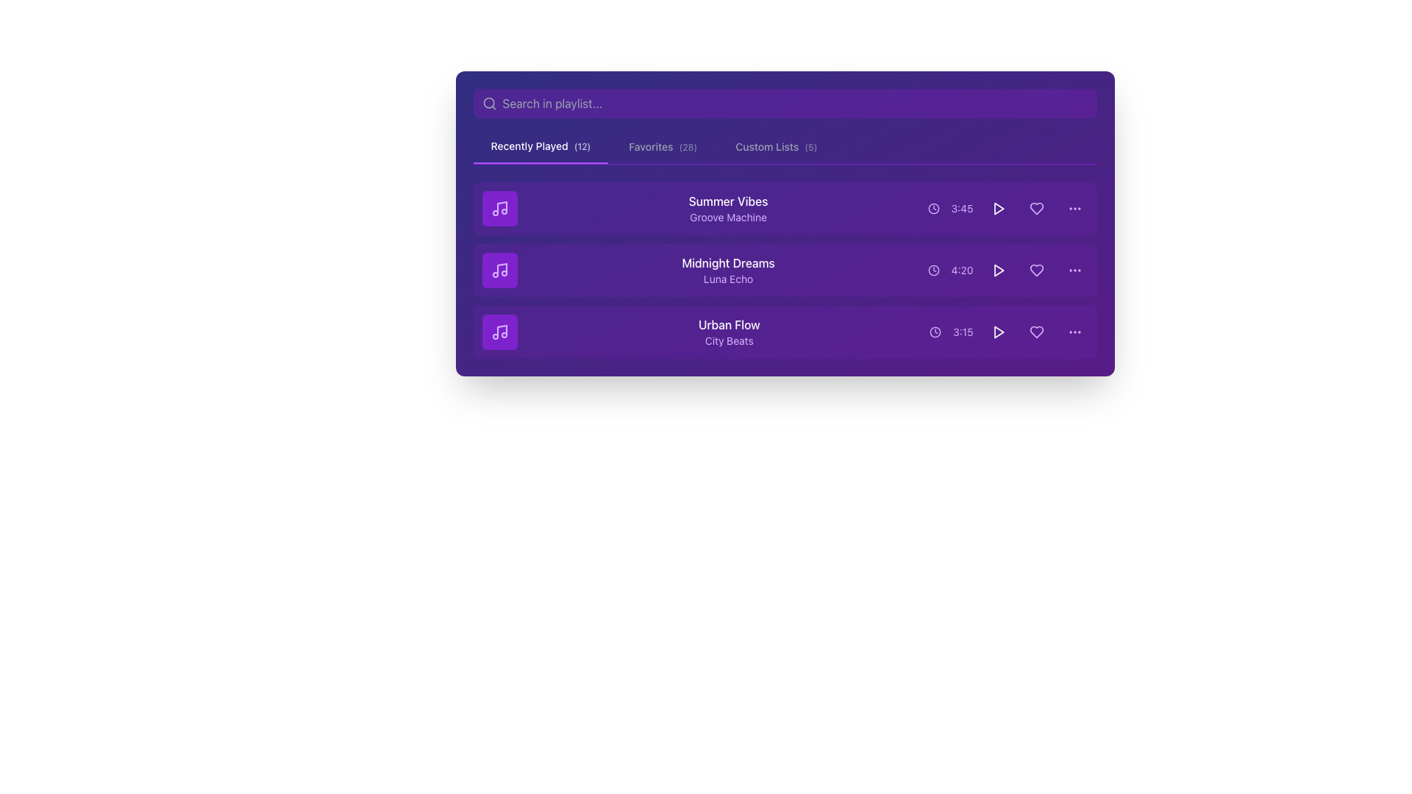 The image size is (1412, 794). I want to click on the non-interactive icon representing the audio content labeled 'Midnight Dreams' located in the leftmost part of the list item with the subtitle 'Luna Echo' in the 'Recently Played' section, so click(499, 270).